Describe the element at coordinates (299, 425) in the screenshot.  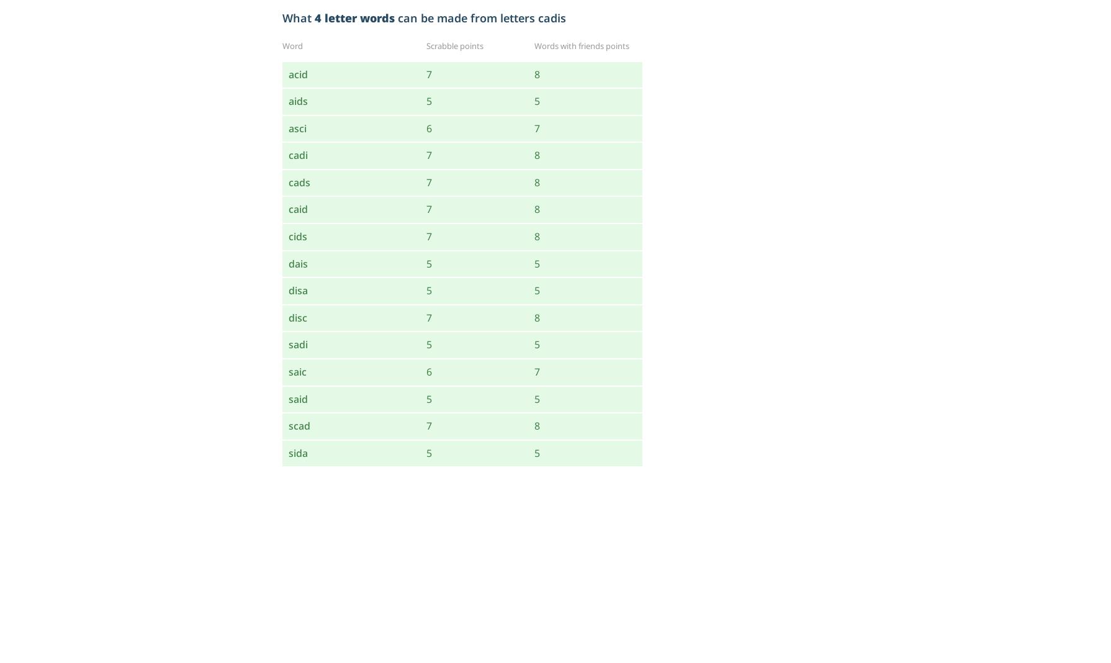
I see `'scad'` at that location.